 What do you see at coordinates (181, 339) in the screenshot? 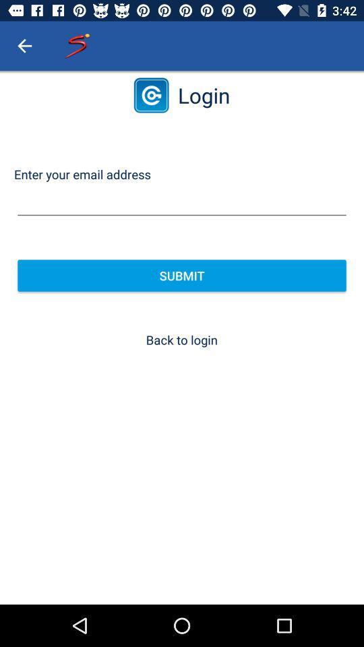
I see `item below the submit` at bounding box center [181, 339].